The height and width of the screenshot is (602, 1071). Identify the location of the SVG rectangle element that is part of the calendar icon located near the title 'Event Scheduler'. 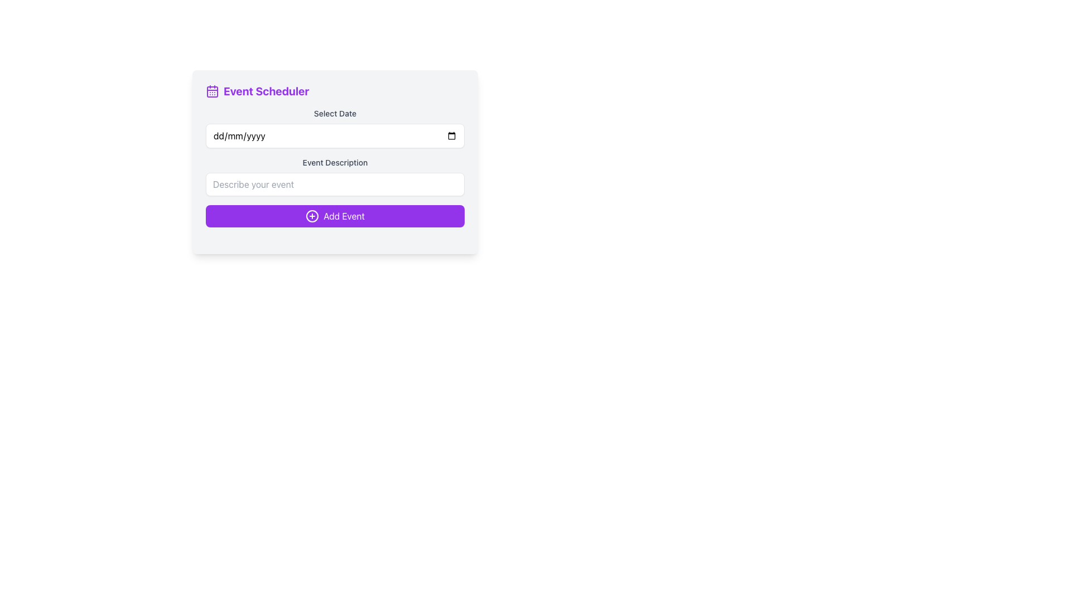
(212, 91).